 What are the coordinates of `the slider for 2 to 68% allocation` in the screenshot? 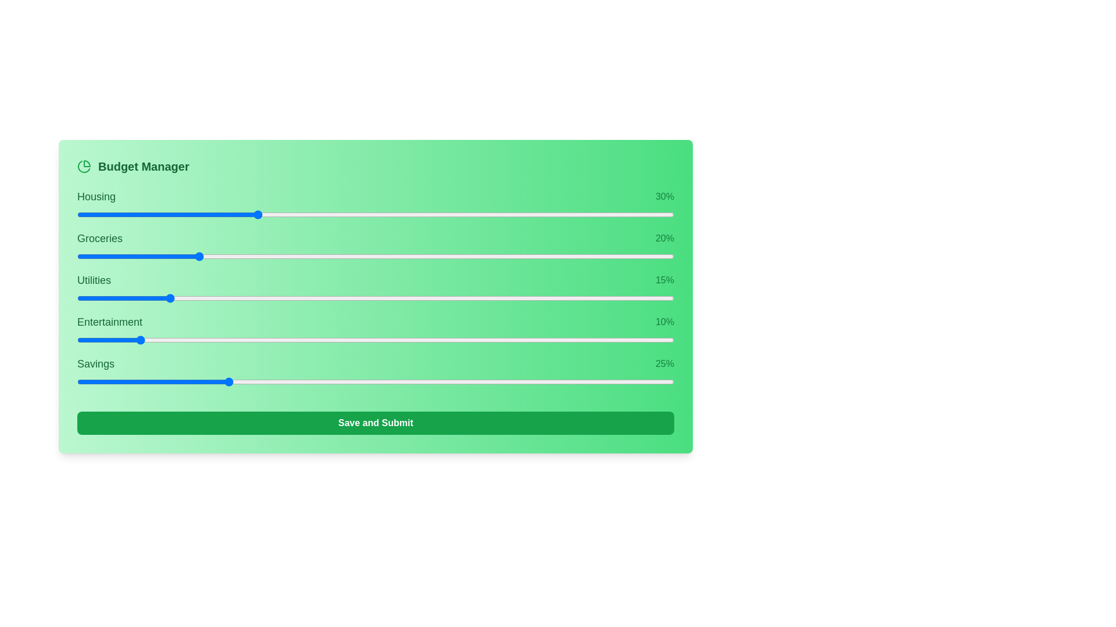 It's located at (578, 297).